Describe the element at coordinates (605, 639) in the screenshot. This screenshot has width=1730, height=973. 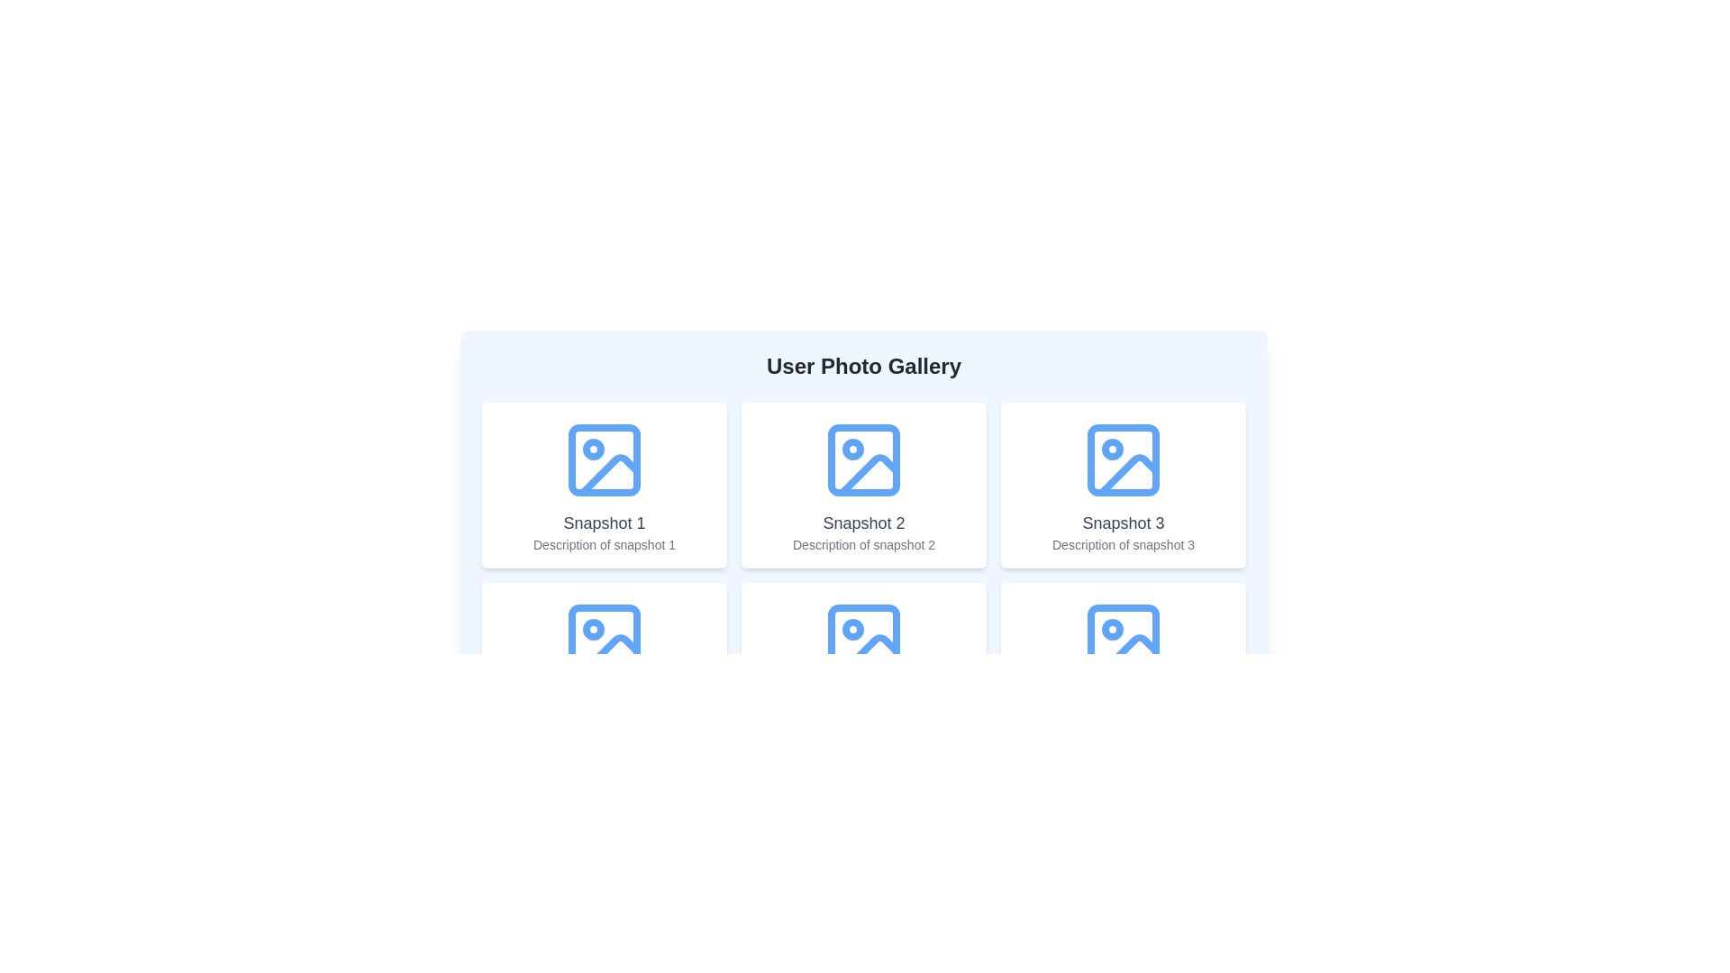
I see `the graphical representation of the SVG graphic element that visually represents 'Snapshot 4', located in the middle row of a grid layout, above its descriptive text` at that location.